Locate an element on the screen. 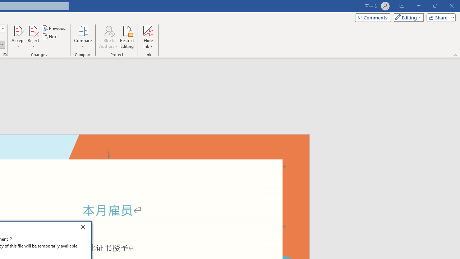 This screenshot has width=460, height=259. 'Block Authors' is located at coordinates (108, 30).